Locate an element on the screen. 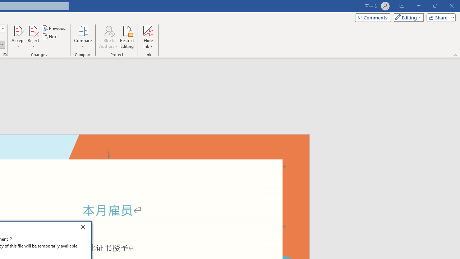 This screenshot has width=460, height=259. 'Block Authors' is located at coordinates (108, 30).